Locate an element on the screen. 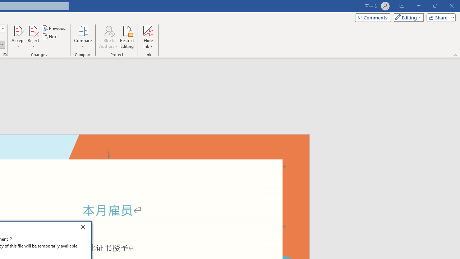 This screenshot has width=460, height=259. 'Block Authors' is located at coordinates (108, 30).